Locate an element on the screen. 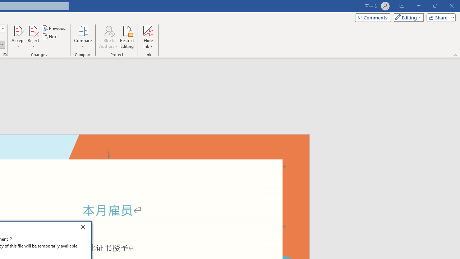 This screenshot has width=460, height=259. 'Block Authors' is located at coordinates (108, 30).